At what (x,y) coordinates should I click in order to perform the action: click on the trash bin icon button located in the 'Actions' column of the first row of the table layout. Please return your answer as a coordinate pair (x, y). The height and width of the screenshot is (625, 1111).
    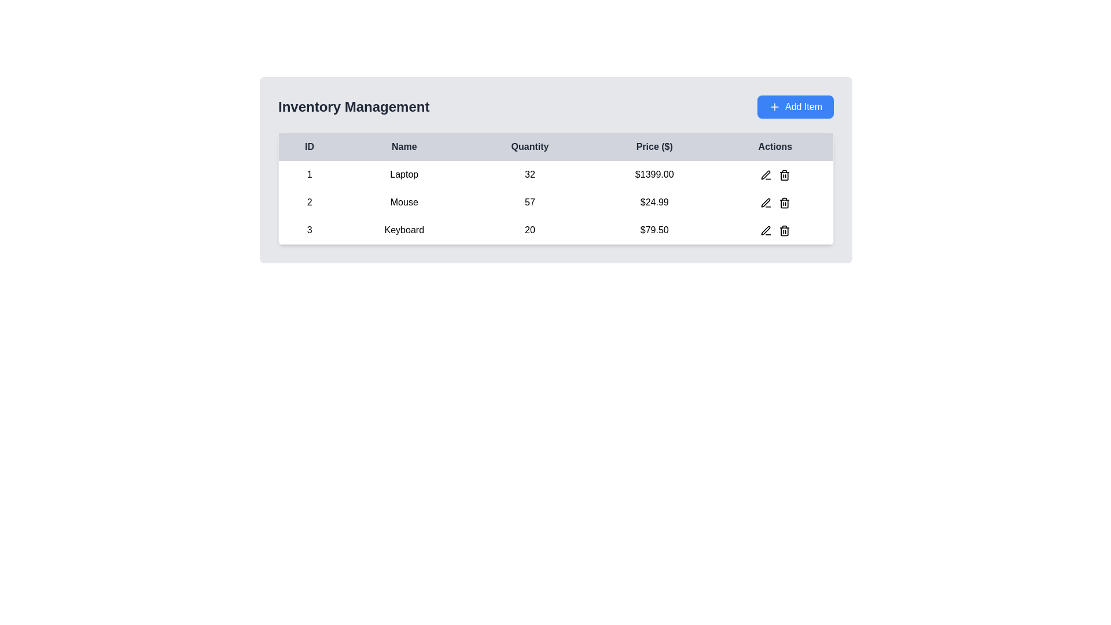
    Looking at the image, I should click on (784, 174).